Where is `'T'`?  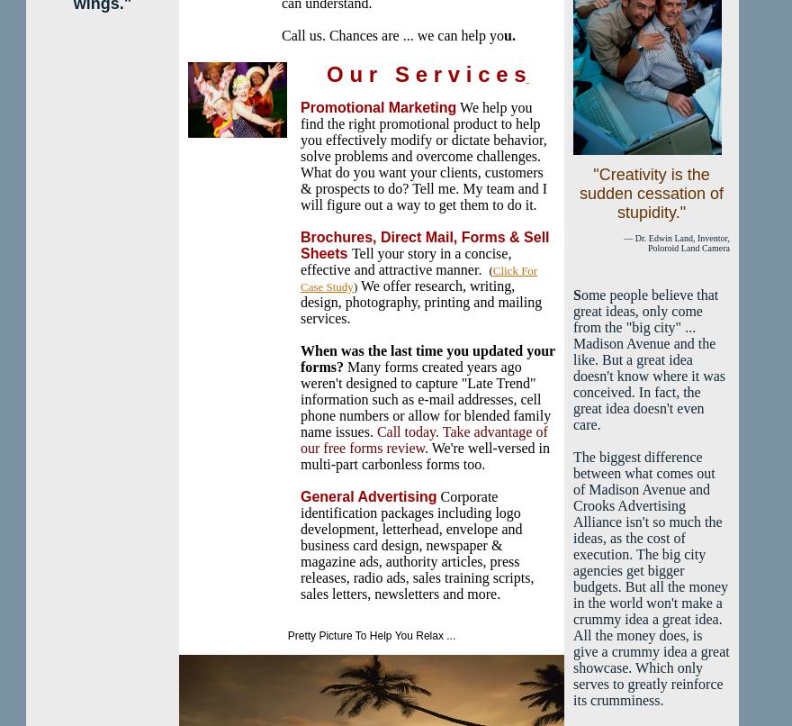
'T' is located at coordinates (354, 253).